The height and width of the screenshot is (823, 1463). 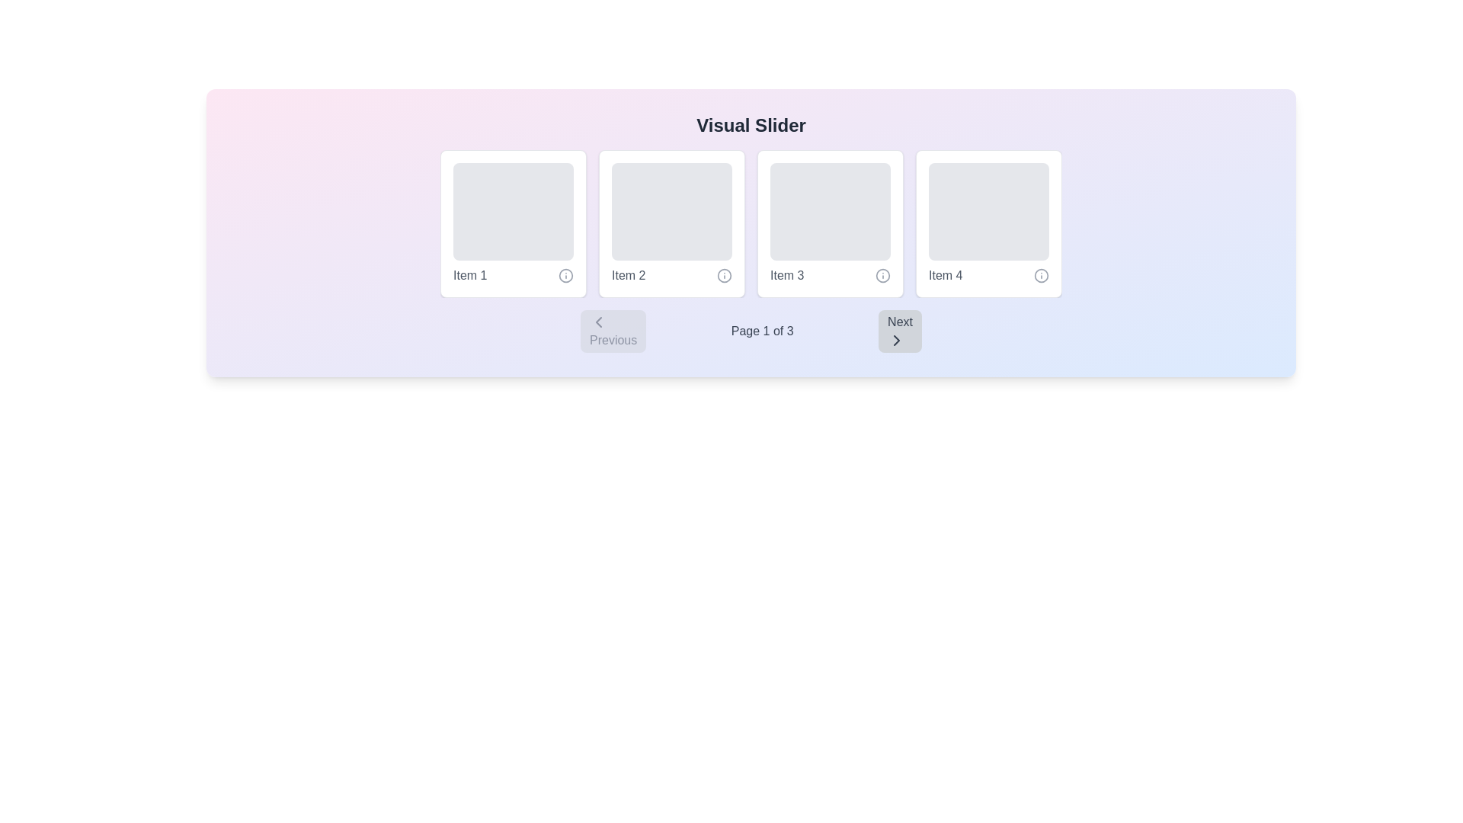 I want to click on the circular information icon located to the right of the 'Item 2' label within the second card under the 'Visual Slider' heading, so click(x=723, y=276).